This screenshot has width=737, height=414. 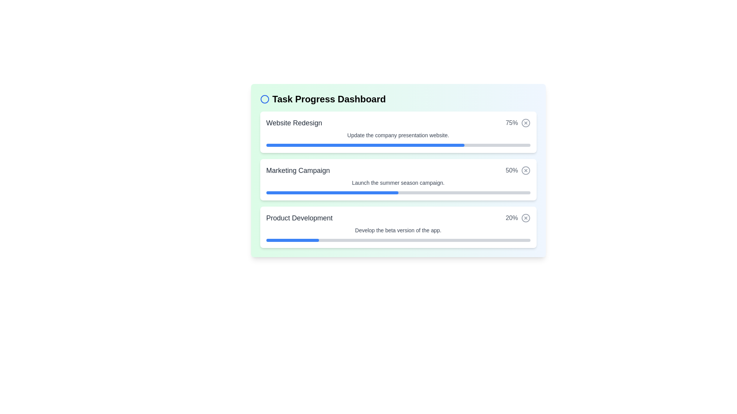 What do you see at coordinates (525, 122) in the screenshot?
I see `the small circular SVG element located on the far right of the first task card in the progress dashboard` at bounding box center [525, 122].